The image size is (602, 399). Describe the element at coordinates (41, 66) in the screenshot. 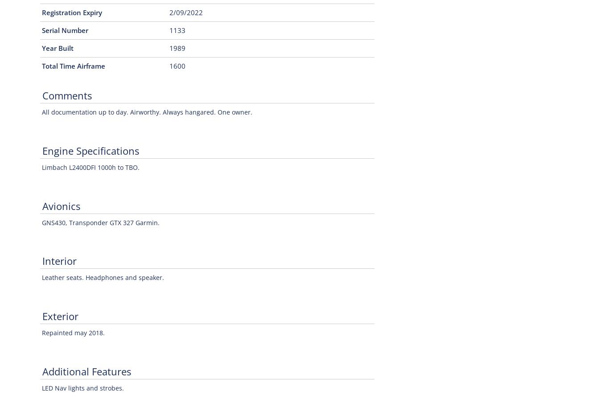

I see `'Total Time Airframe'` at that location.